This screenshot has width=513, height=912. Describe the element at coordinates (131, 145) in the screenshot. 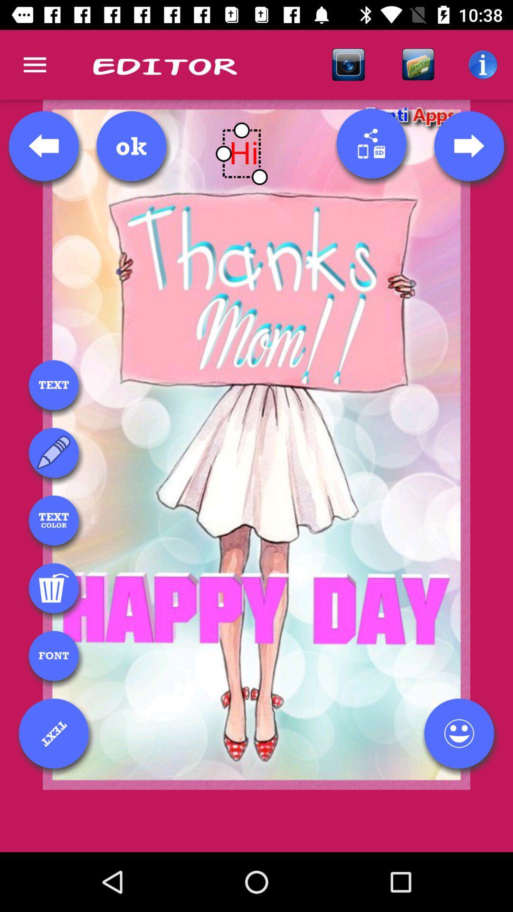

I see `ok` at that location.